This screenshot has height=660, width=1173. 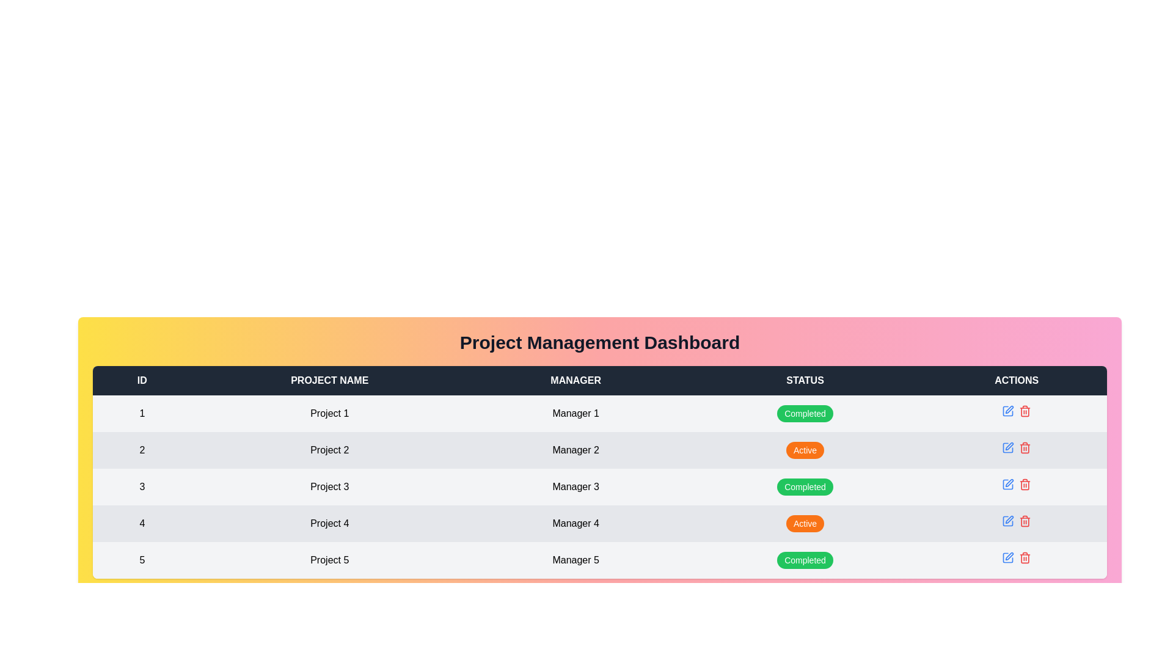 I want to click on the edit icon in the 'Actions' column for 'Project 3', so click(x=1008, y=411).